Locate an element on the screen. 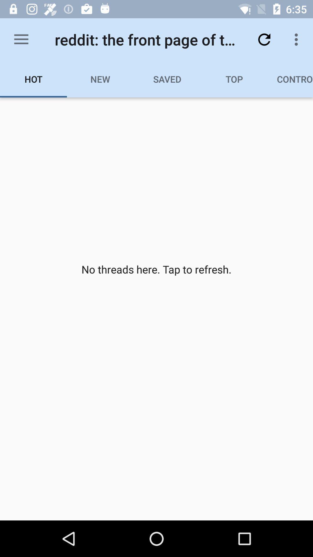  item next to the reddit the front is located at coordinates (264, 39).